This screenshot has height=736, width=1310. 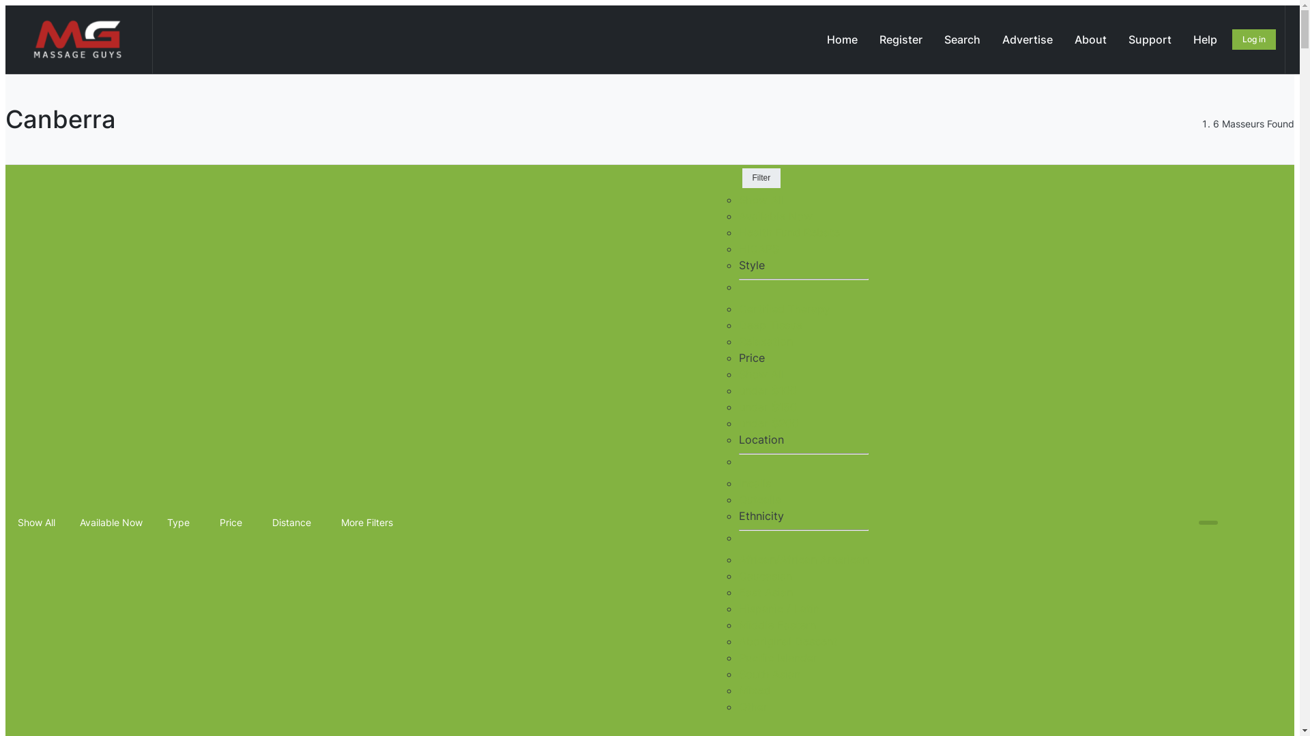 What do you see at coordinates (233, 522) in the screenshot?
I see `'Price'` at bounding box center [233, 522].